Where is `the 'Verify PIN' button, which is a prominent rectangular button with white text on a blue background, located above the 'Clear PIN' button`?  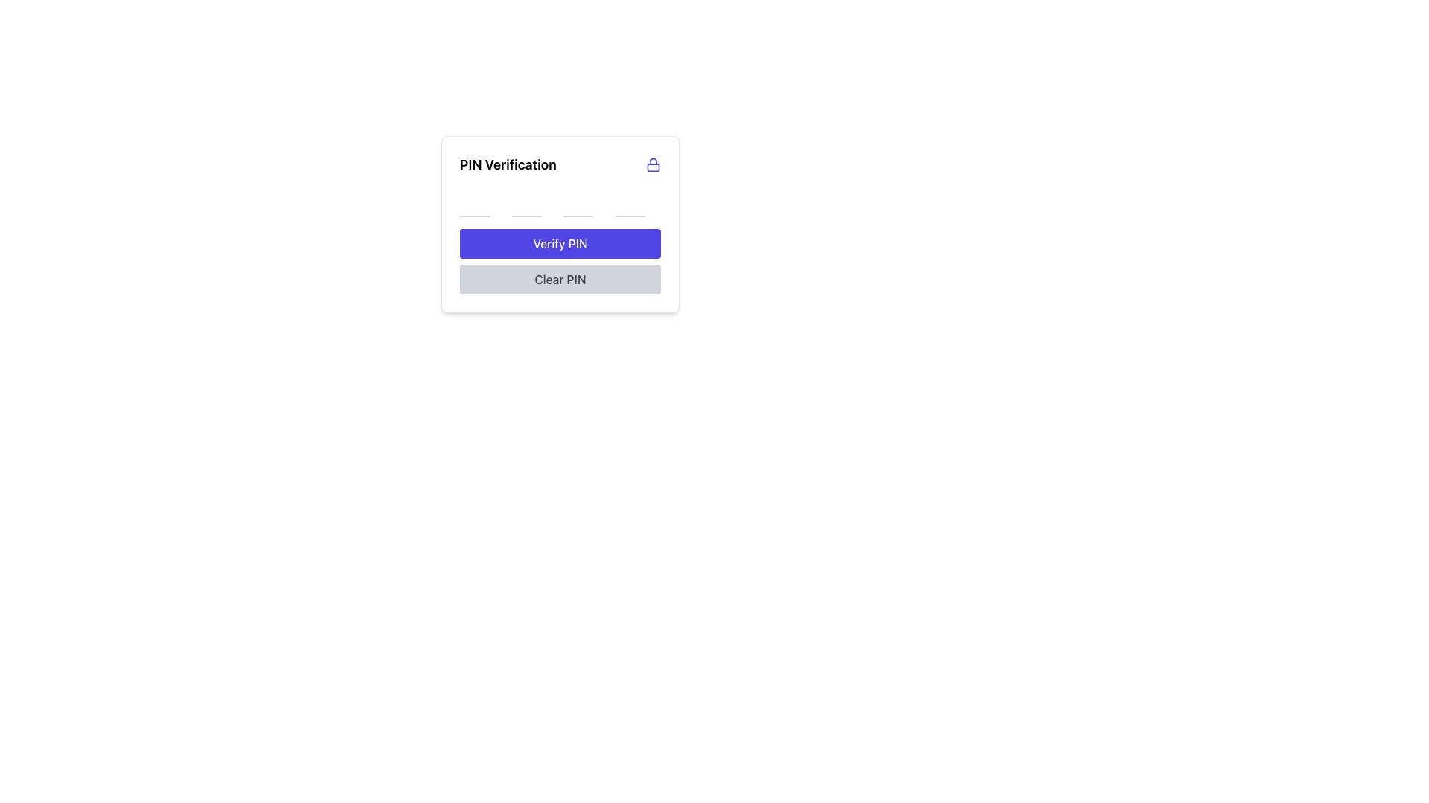 the 'Verify PIN' button, which is a prominent rectangular button with white text on a blue background, located above the 'Clear PIN' button is located at coordinates (560, 242).